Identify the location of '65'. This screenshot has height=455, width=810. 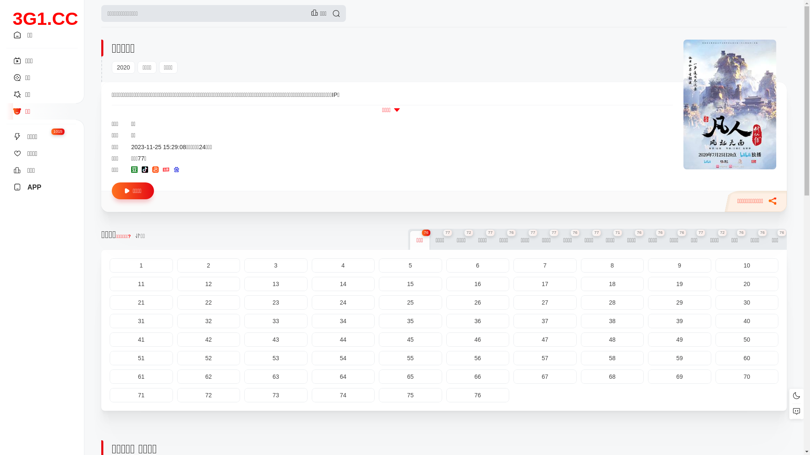
(410, 376).